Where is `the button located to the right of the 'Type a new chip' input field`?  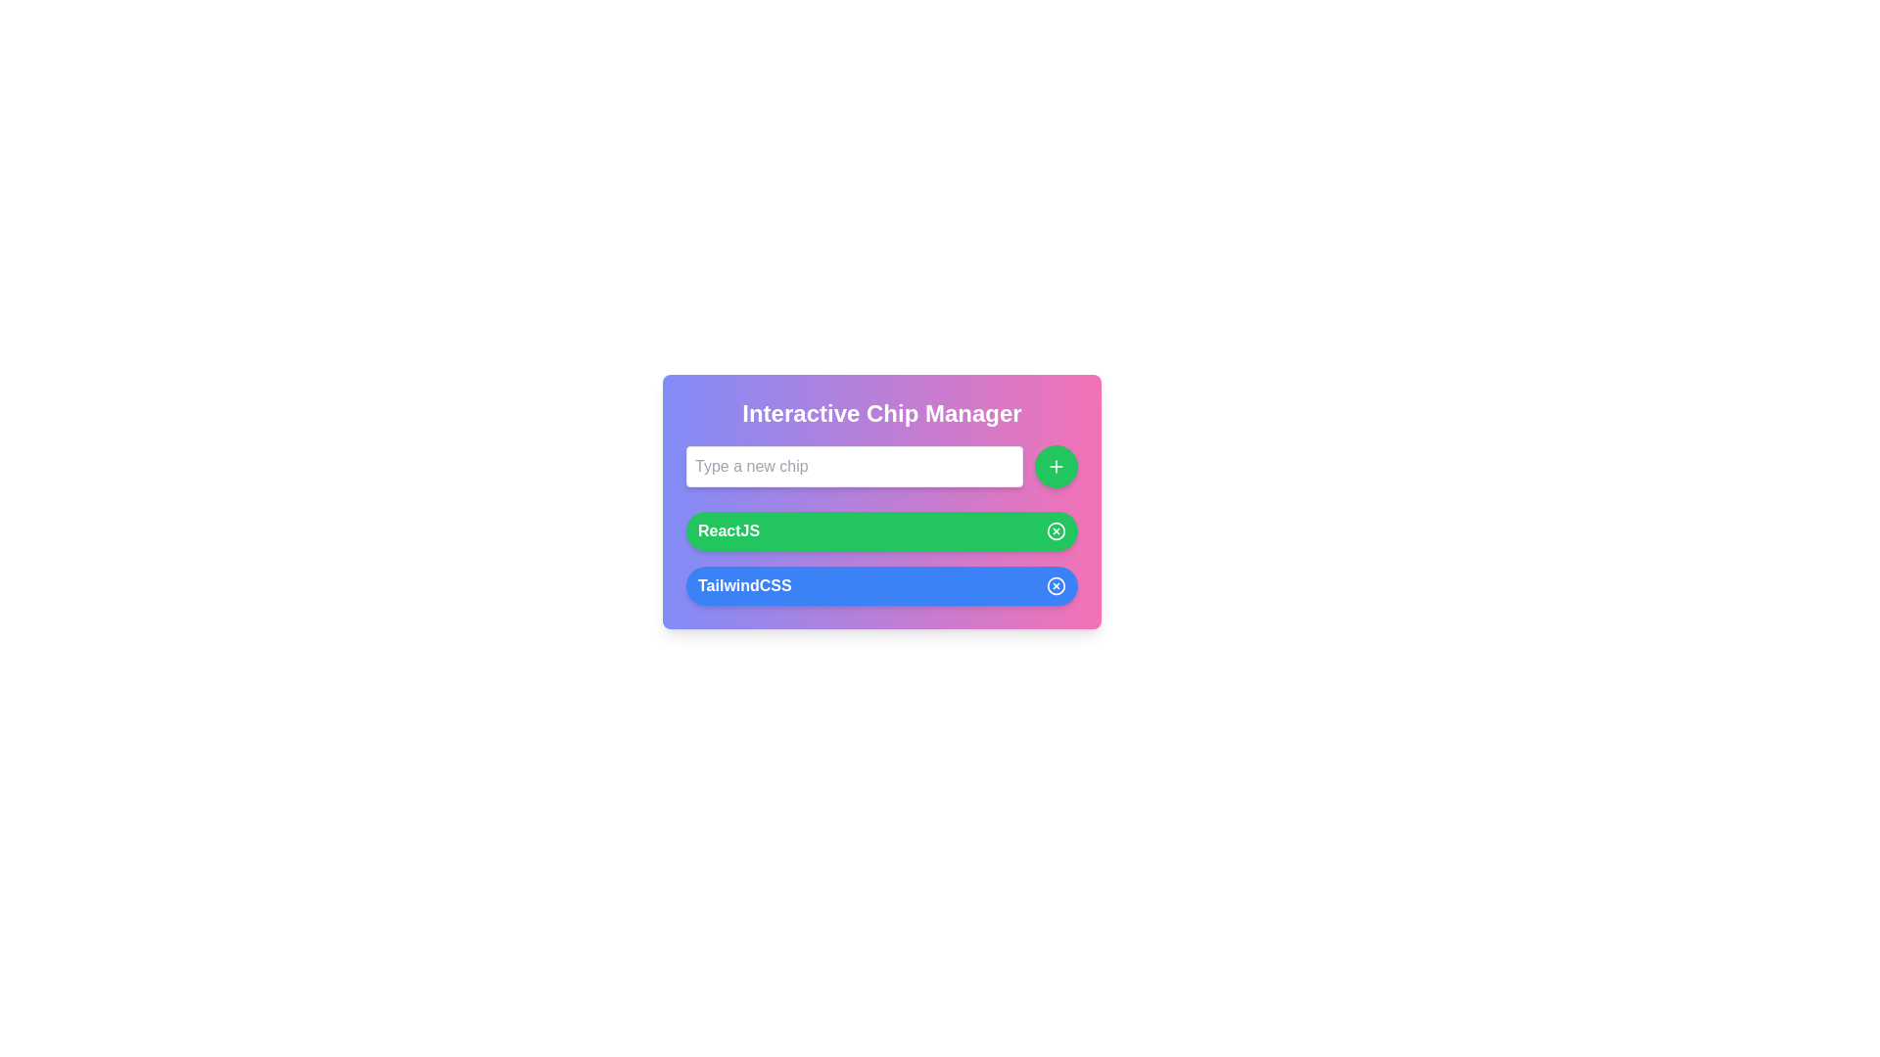 the button located to the right of the 'Type a new chip' input field is located at coordinates (1056, 467).